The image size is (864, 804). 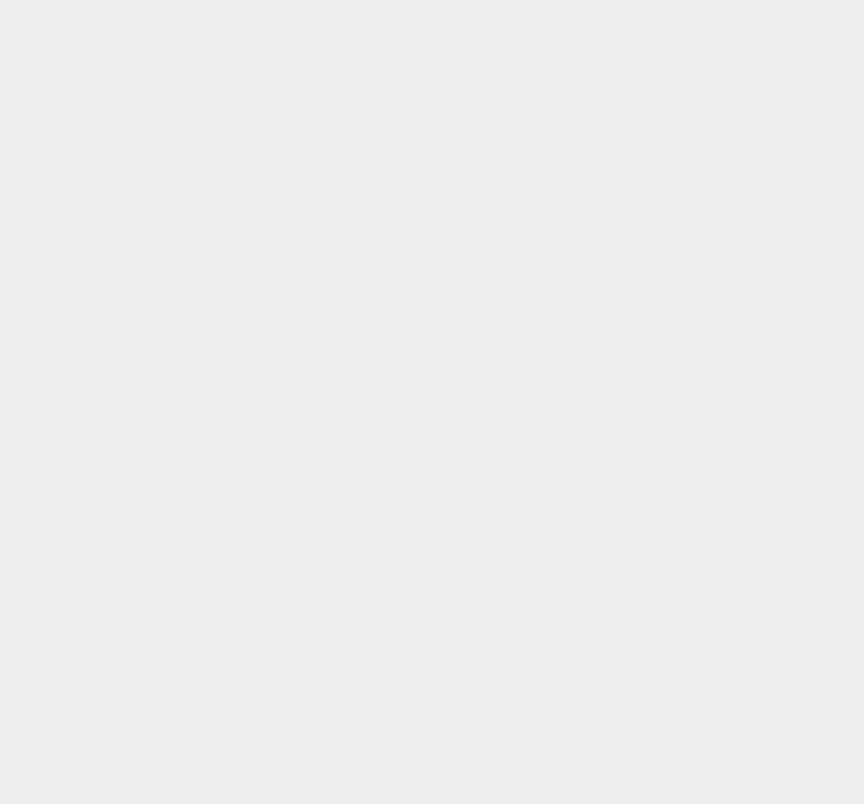 What do you see at coordinates (630, 31) in the screenshot?
I see `'iOS 8.1.2'` at bounding box center [630, 31].